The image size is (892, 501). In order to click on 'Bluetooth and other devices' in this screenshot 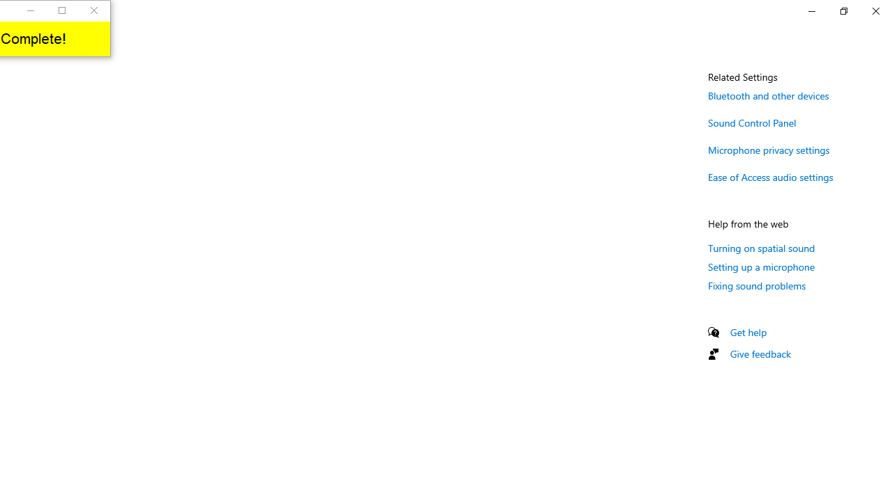, I will do `click(768, 95)`.